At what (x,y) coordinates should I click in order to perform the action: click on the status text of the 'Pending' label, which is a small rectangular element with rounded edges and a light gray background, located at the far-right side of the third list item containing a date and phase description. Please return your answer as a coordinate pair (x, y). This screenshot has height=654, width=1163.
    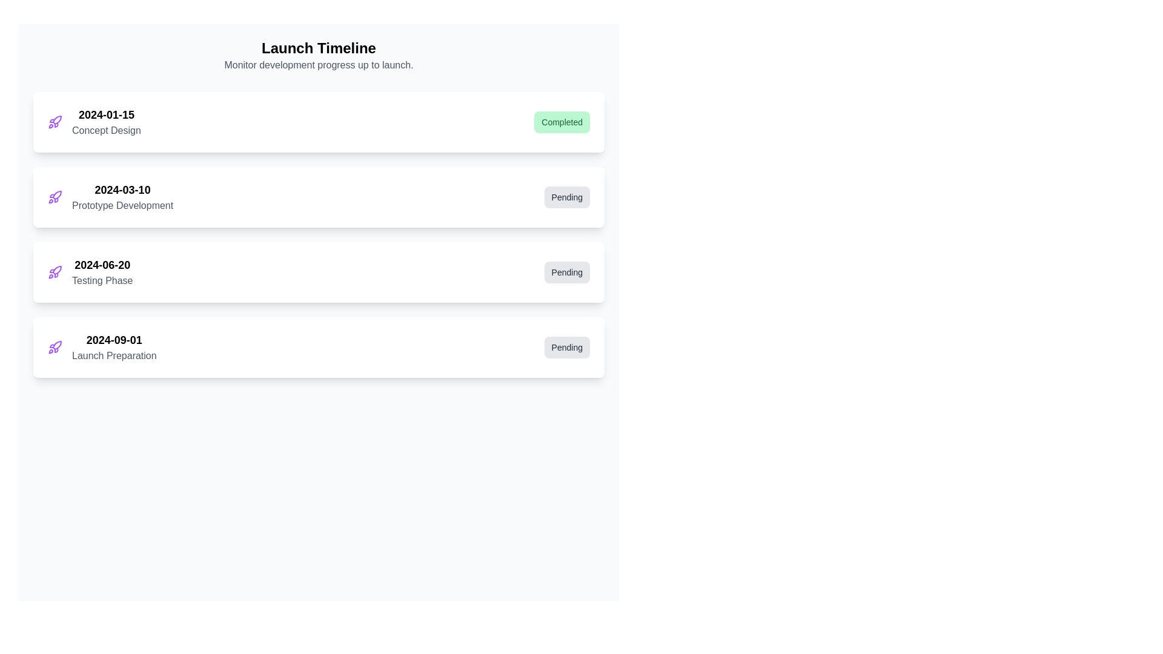
    Looking at the image, I should click on (566, 272).